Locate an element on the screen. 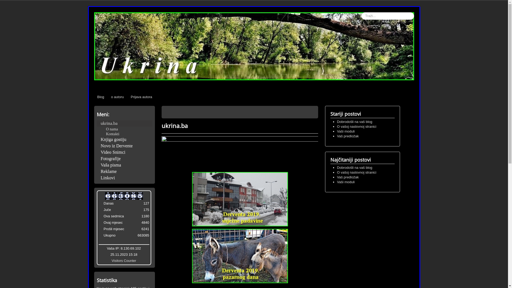 The image size is (512, 288). '2023-11-25' is located at coordinates (101, 204).